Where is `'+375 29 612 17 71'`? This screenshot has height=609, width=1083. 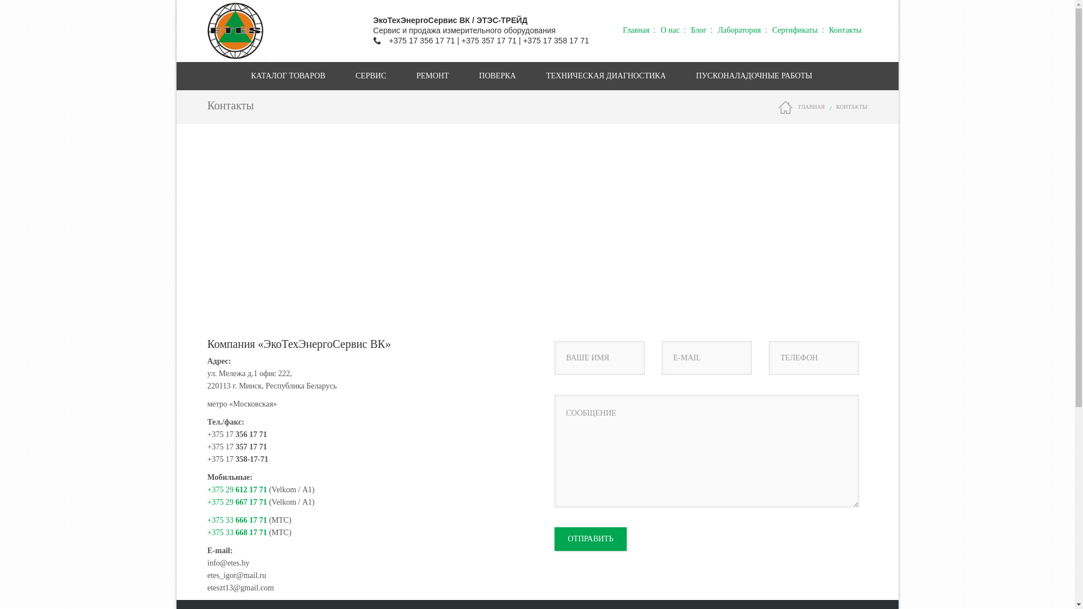
'+375 29 612 17 71' is located at coordinates (208, 489).